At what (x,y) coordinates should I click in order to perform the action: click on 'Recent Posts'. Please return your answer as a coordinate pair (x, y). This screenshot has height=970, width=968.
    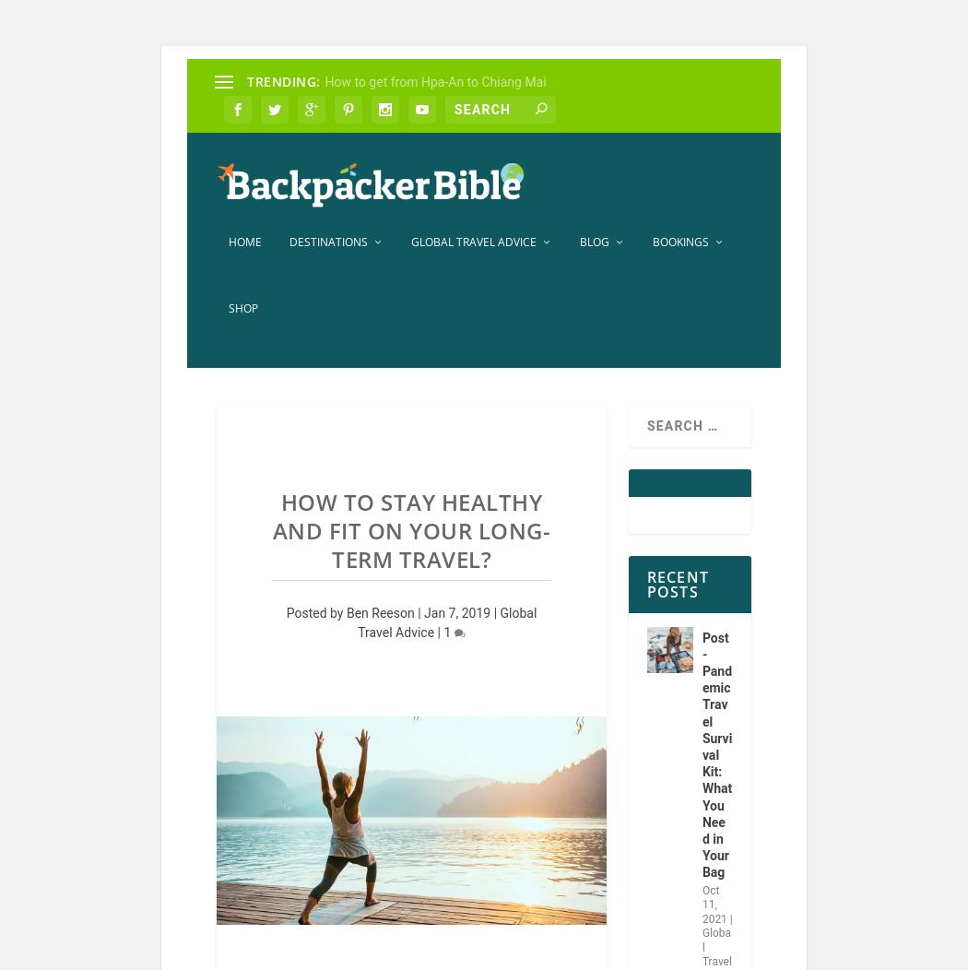
    Looking at the image, I should click on (645, 596).